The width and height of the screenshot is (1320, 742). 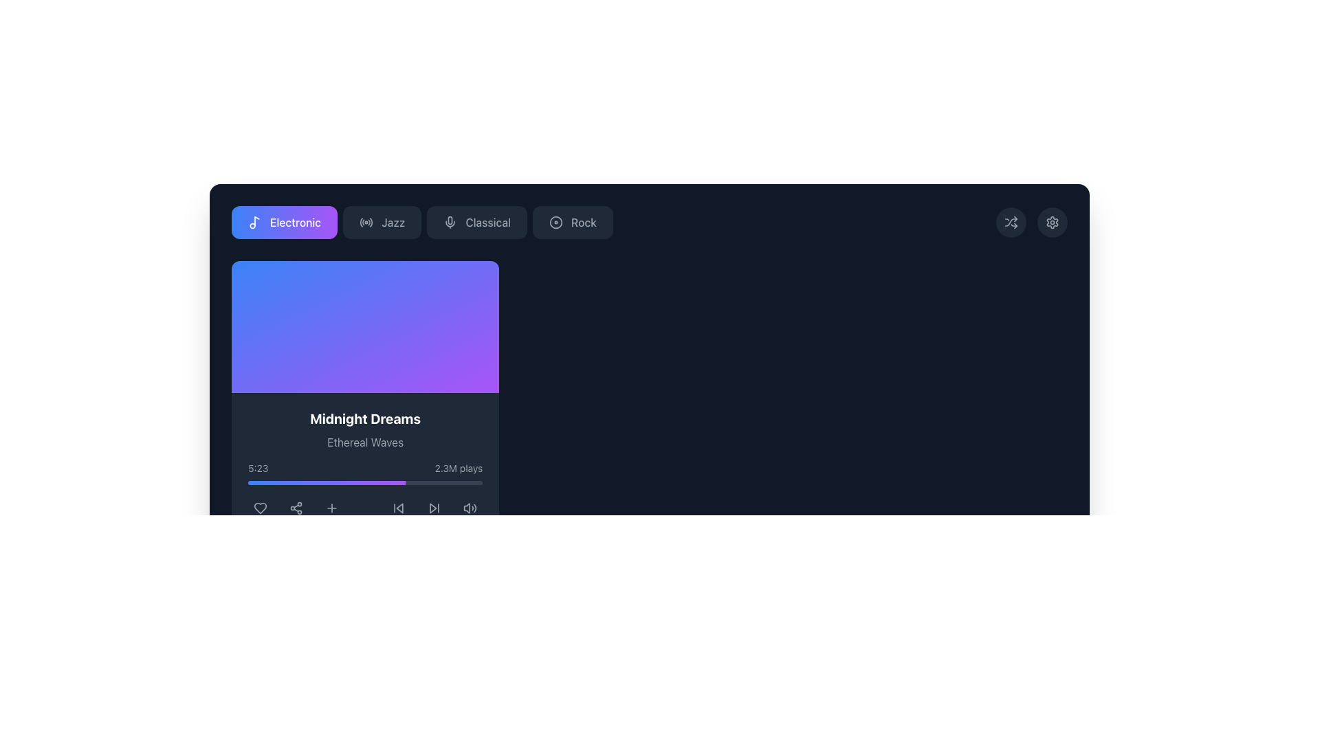 I want to click on the static text label displaying 'Rock' which is styled in light gray and located within a horizontal navigation bar, to the right of 'Classical' and 'Jazz', so click(x=584, y=222).